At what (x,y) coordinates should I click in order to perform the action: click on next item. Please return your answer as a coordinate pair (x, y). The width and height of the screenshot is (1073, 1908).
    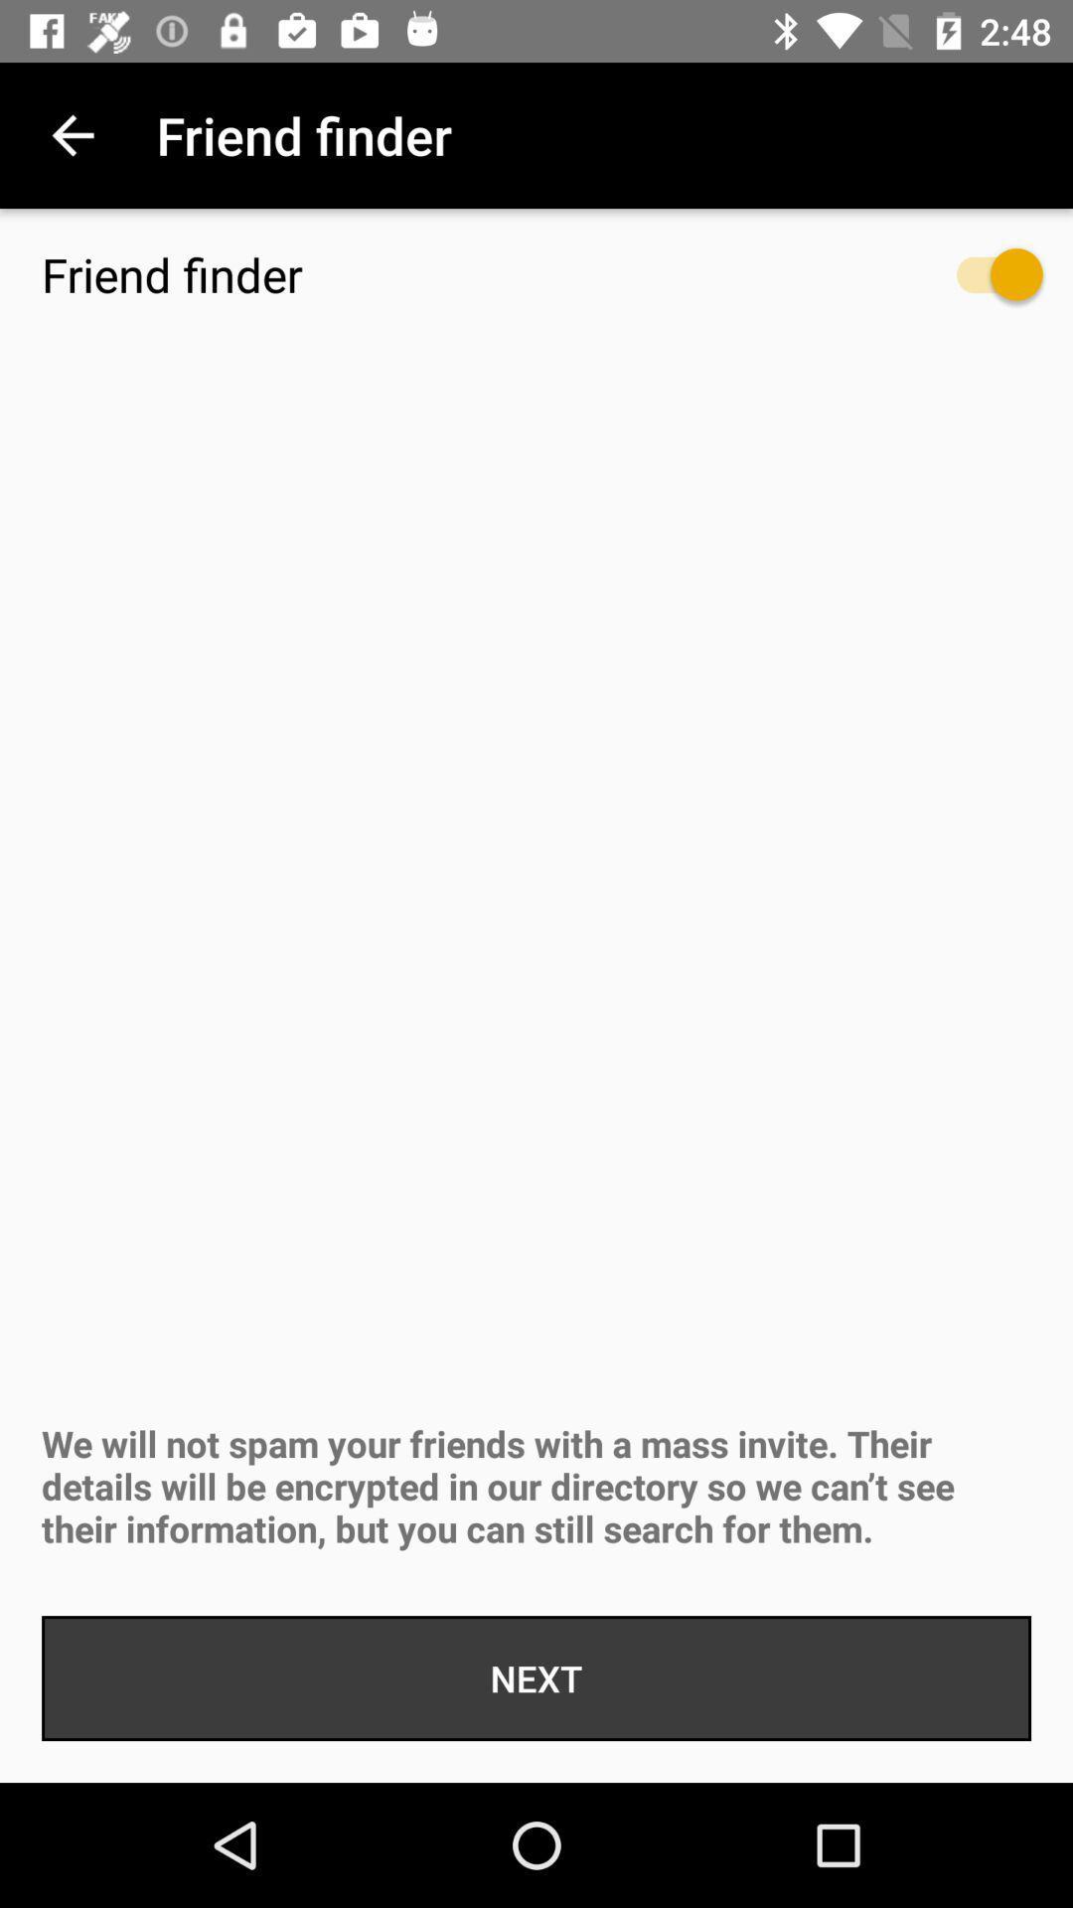
    Looking at the image, I should click on (536, 1677).